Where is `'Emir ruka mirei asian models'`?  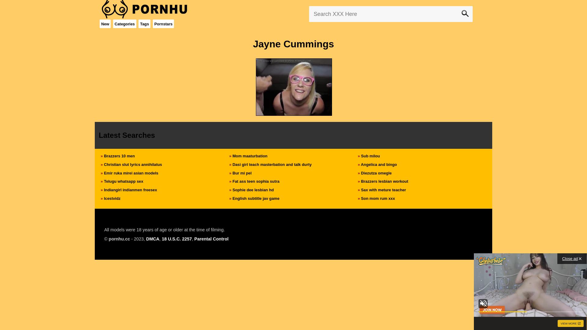 'Emir ruka mirei asian models' is located at coordinates (131, 173).